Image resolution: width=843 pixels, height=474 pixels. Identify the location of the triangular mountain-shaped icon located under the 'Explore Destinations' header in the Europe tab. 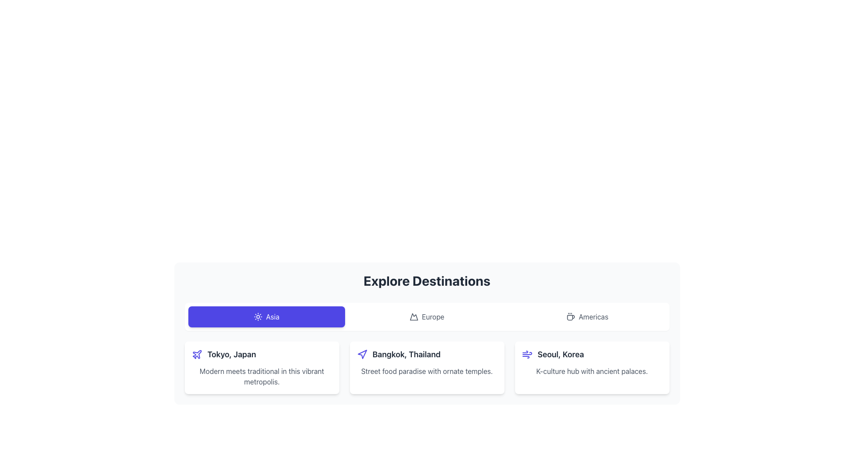
(413, 316).